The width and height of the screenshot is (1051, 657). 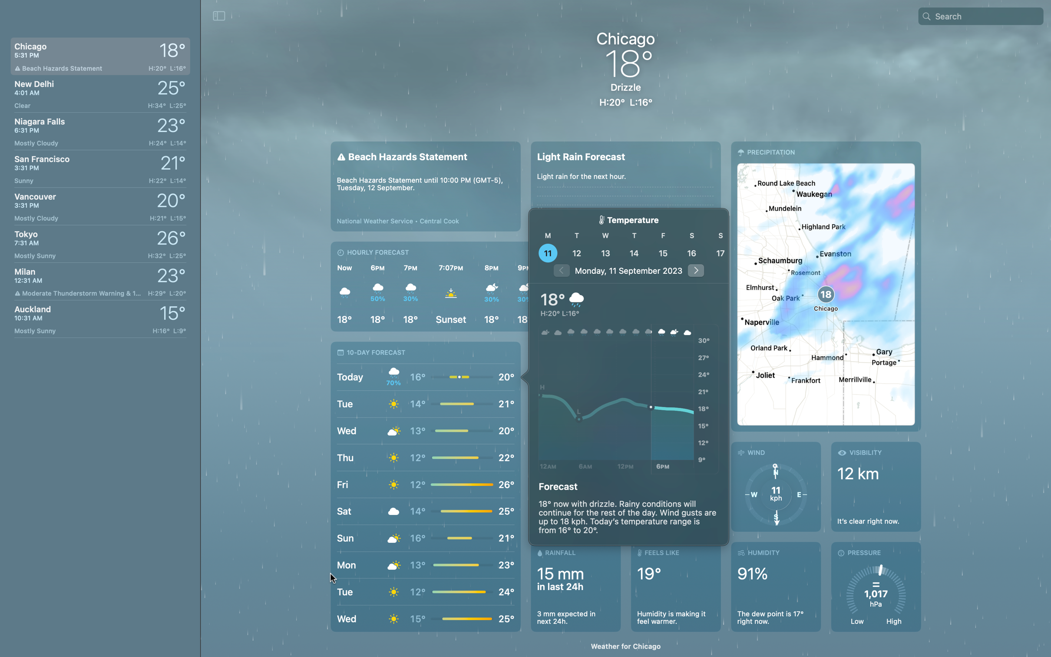 I want to click on For obtaining the 13th"s weather information, hit the date button, so click(x=606, y=252).